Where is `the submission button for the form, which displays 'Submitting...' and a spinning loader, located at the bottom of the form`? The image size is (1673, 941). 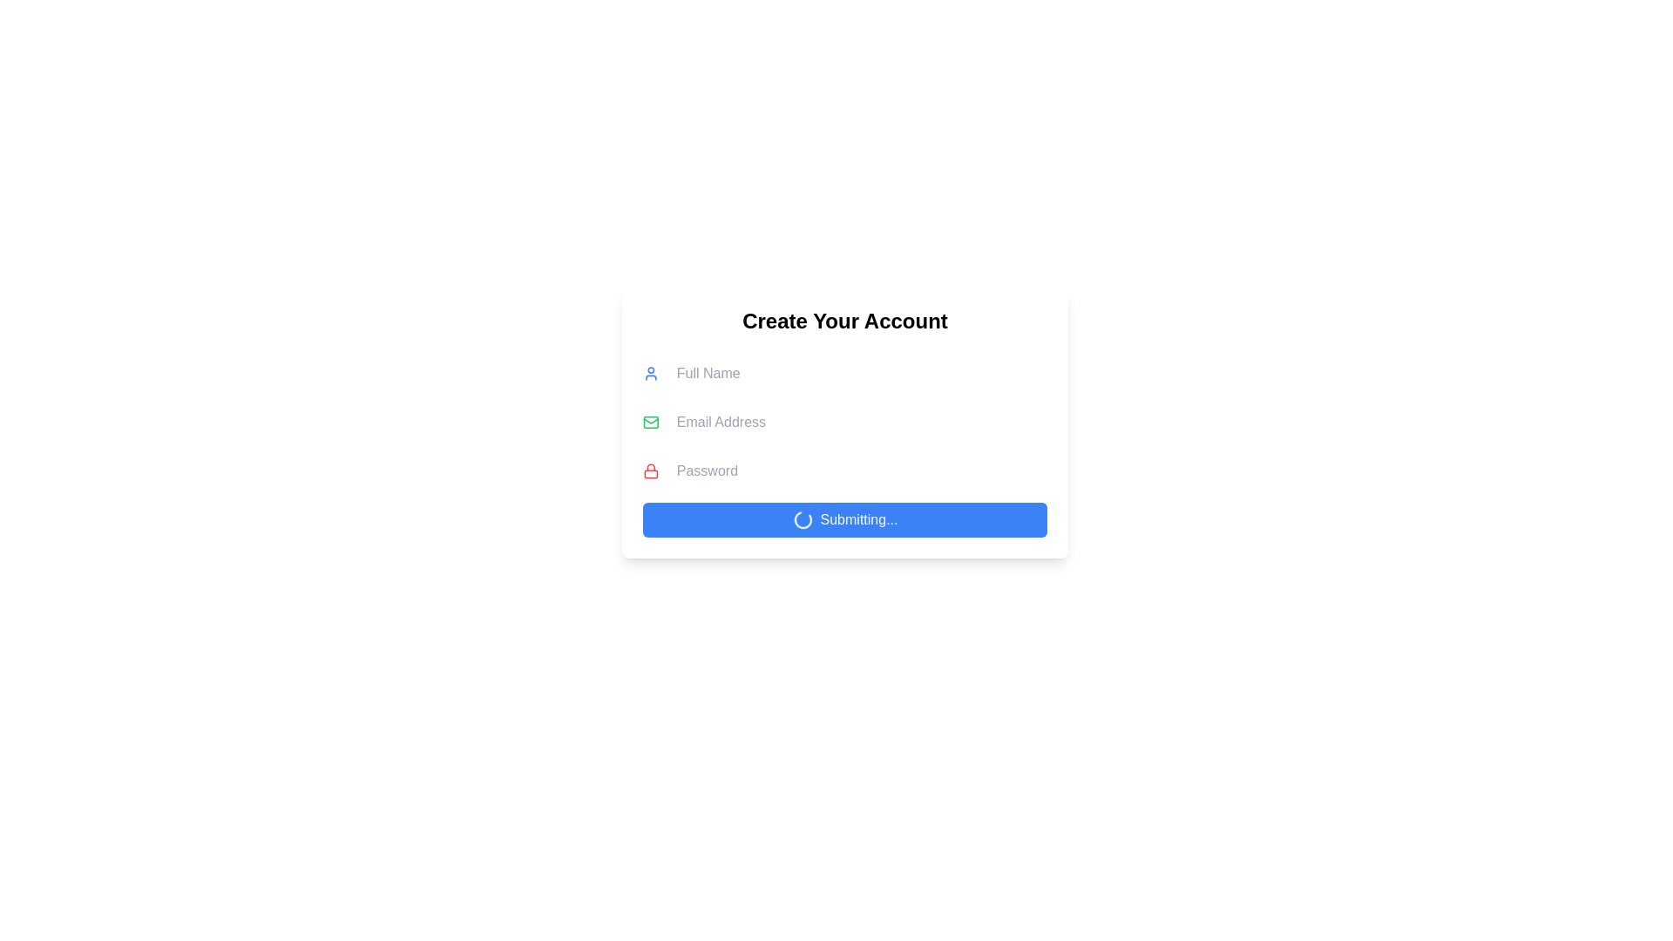
the submission button for the form, which displays 'Submitting...' and a spinning loader, located at the bottom of the form is located at coordinates (844, 519).